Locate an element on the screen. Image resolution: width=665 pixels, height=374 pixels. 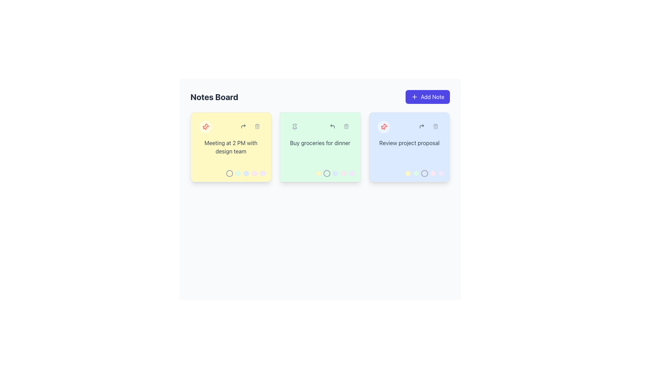
the first rectangular card with a soft yellow background that contains the text 'Meeting at 2 PM with design team' is located at coordinates (231, 146).